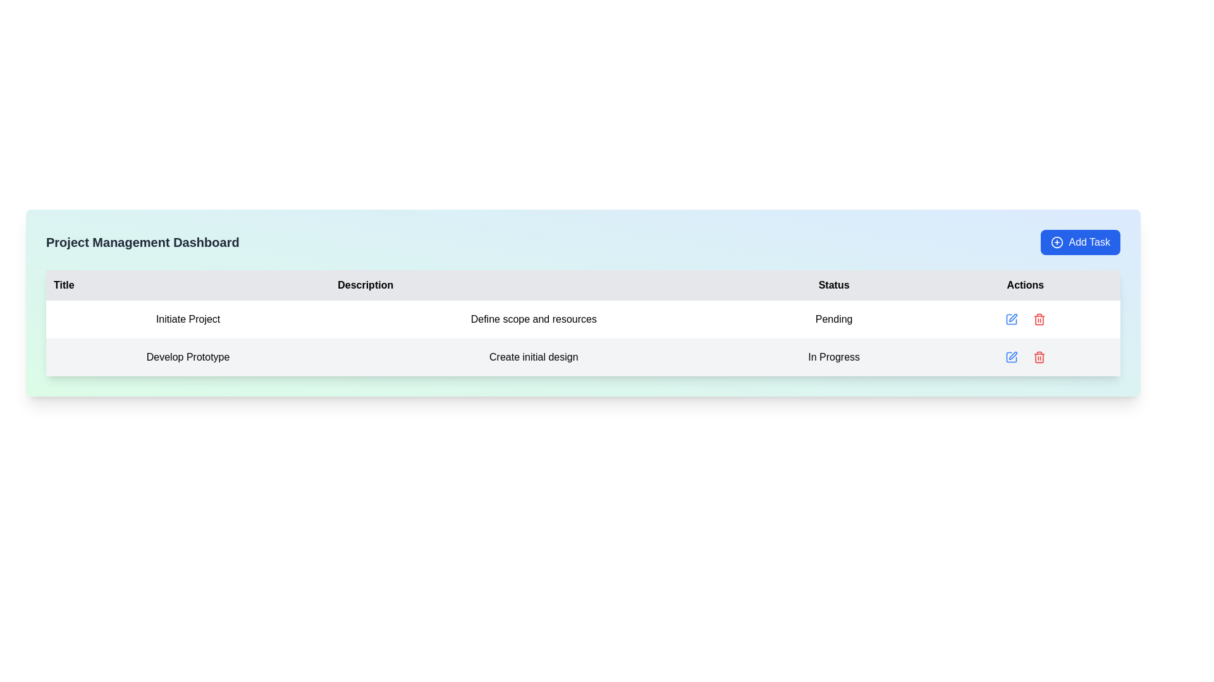 This screenshot has width=1214, height=682. What do you see at coordinates (1057, 242) in the screenshot?
I see `the circular plus icon with a hollow center and a cross inside, located next to the 'Add Task' button in the top-right corner above the data table` at bounding box center [1057, 242].